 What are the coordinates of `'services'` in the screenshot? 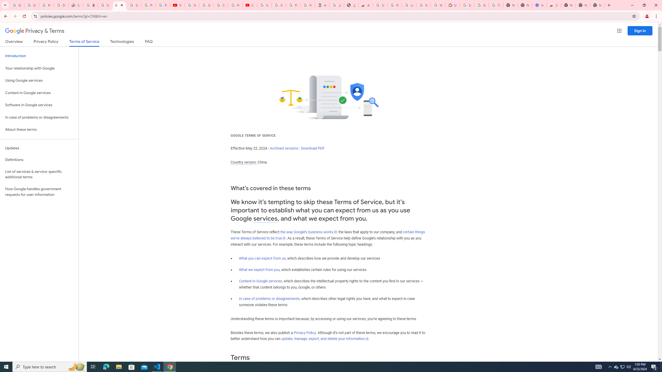 It's located at (265, 219).